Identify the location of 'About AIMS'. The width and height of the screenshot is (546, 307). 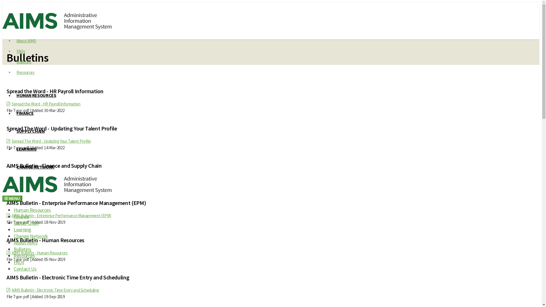
(25, 242).